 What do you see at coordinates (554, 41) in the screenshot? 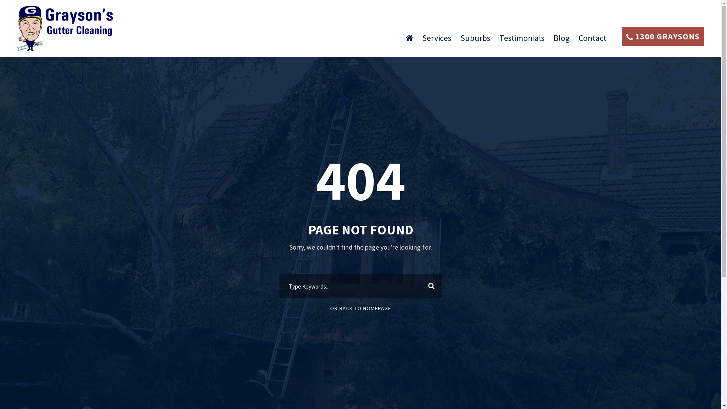
I see `'Blog'` at bounding box center [554, 41].